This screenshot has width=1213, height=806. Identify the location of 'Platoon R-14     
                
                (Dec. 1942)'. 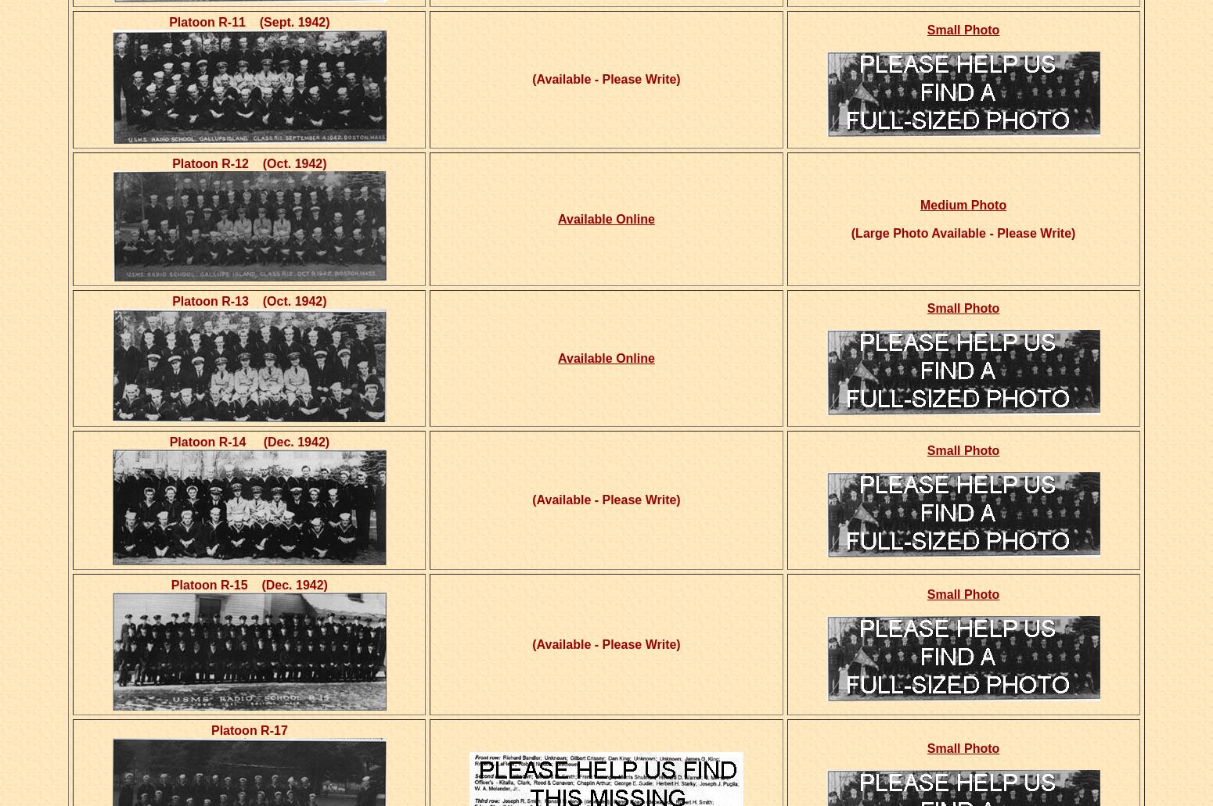
(248, 441).